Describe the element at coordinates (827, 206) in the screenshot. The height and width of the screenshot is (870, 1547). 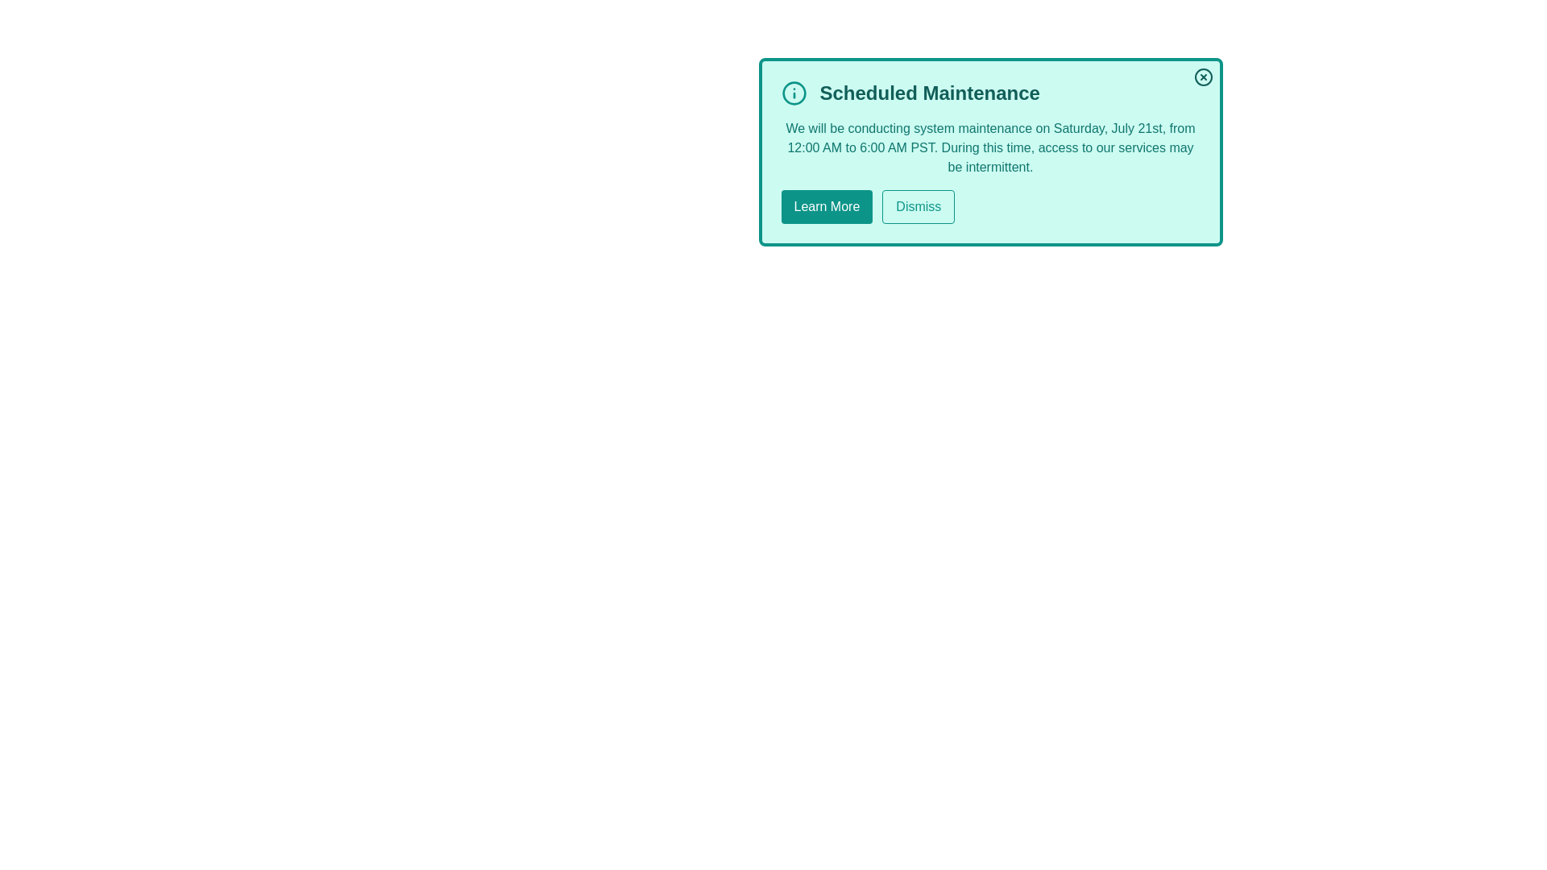
I see `the 'Learn More' button to navigate to detailed information` at that location.